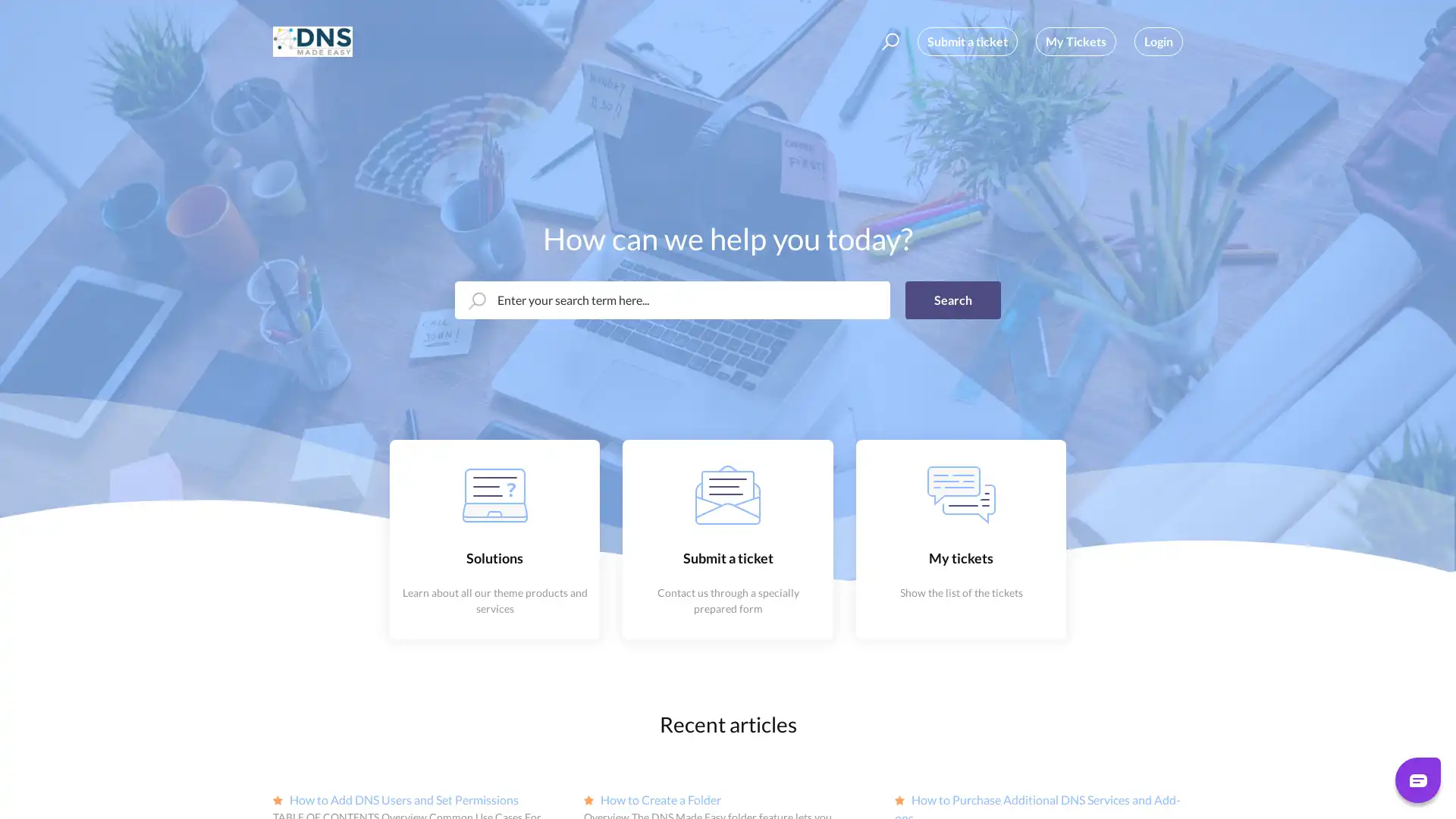 Image resolution: width=1456 pixels, height=819 pixels. What do you see at coordinates (952, 299) in the screenshot?
I see `Search` at bounding box center [952, 299].